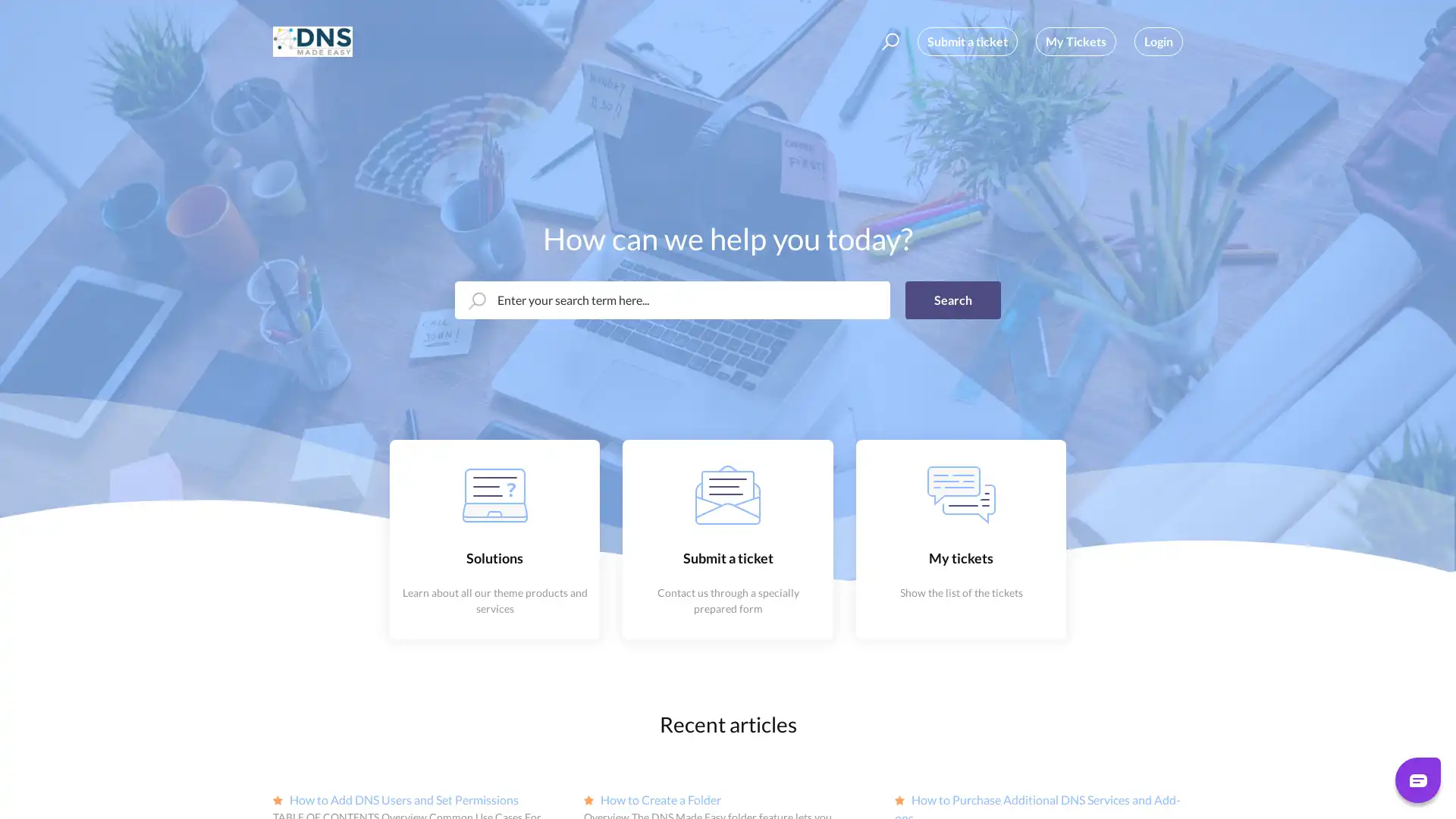 Image resolution: width=1456 pixels, height=819 pixels. What do you see at coordinates (952, 299) in the screenshot?
I see `Search` at bounding box center [952, 299].